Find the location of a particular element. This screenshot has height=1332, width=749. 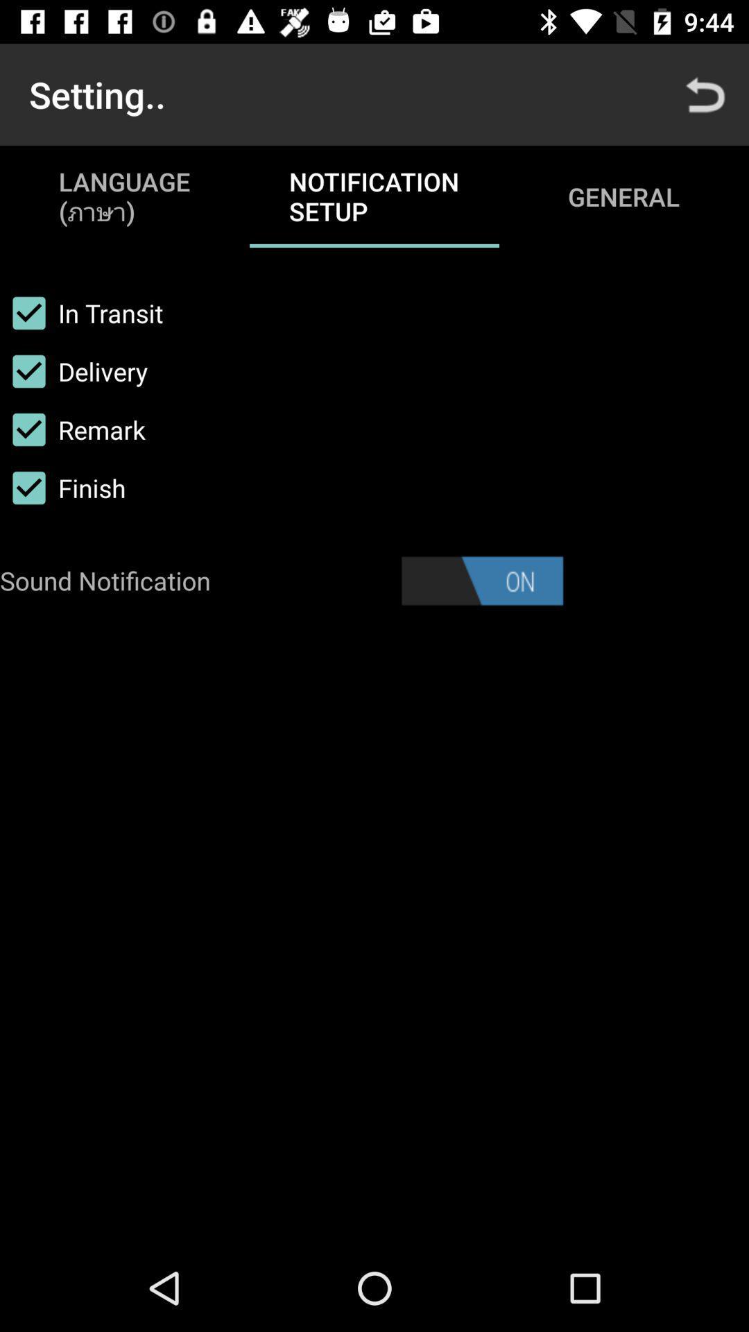

the in transit checkbox is located at coordinates (81, 312).